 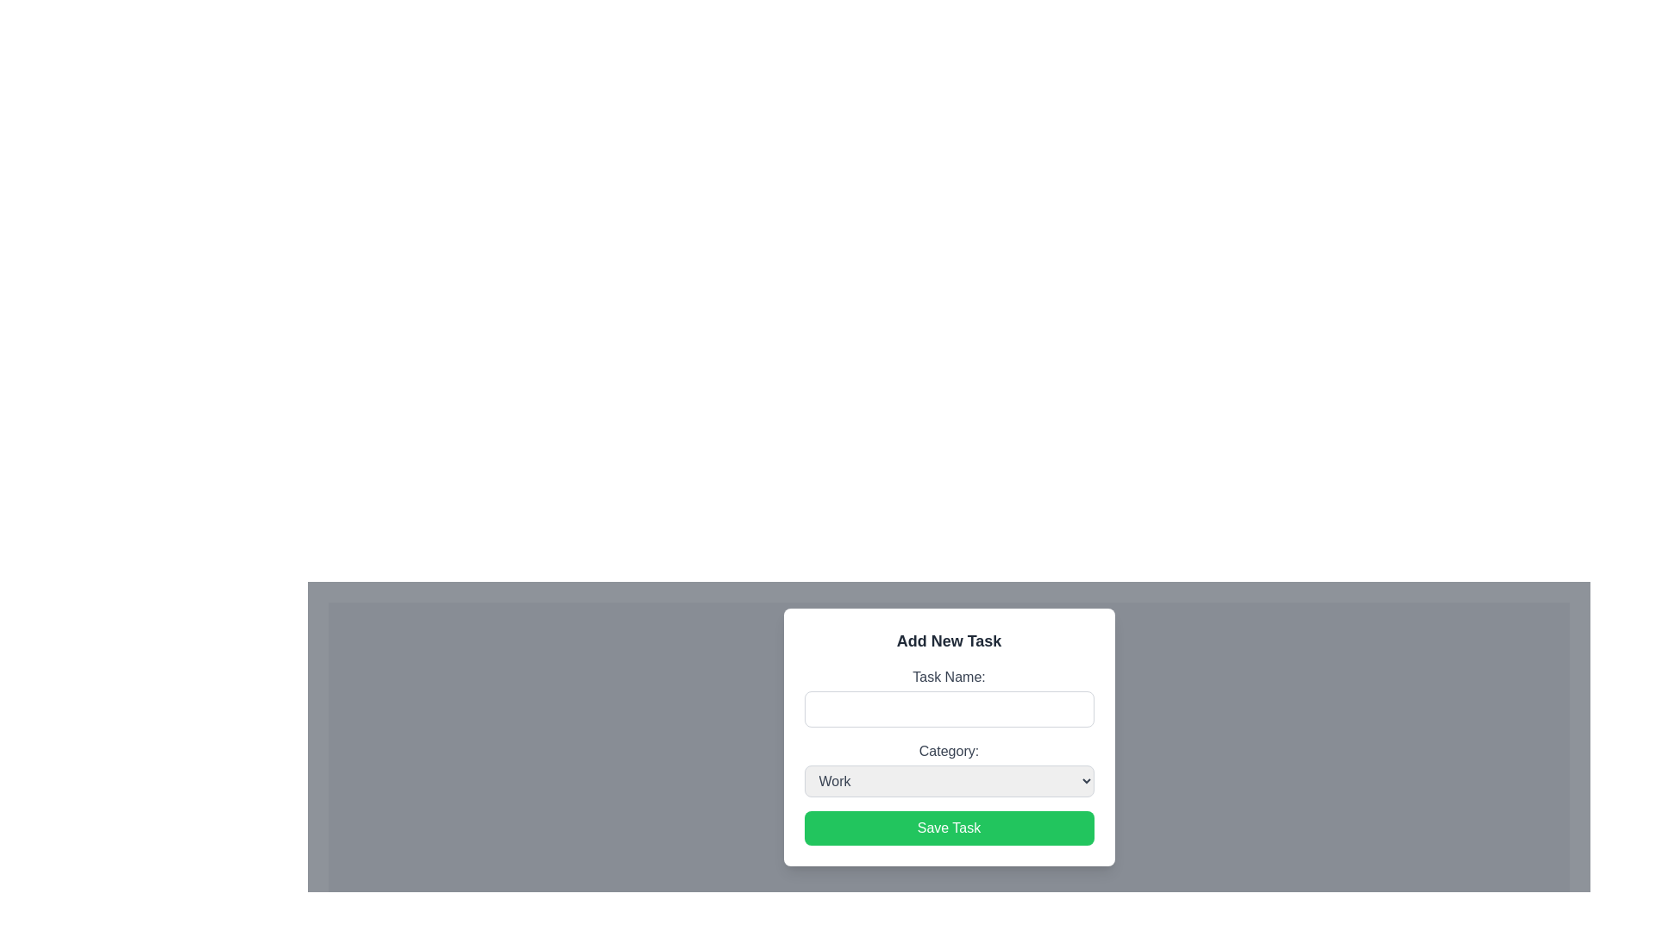 What do you see at coordinates (948, 781) in the screenshot?
I see `the dropdown menu that allows the user to select a category, currently showing 'Work'` at bounding box center [948, 781].